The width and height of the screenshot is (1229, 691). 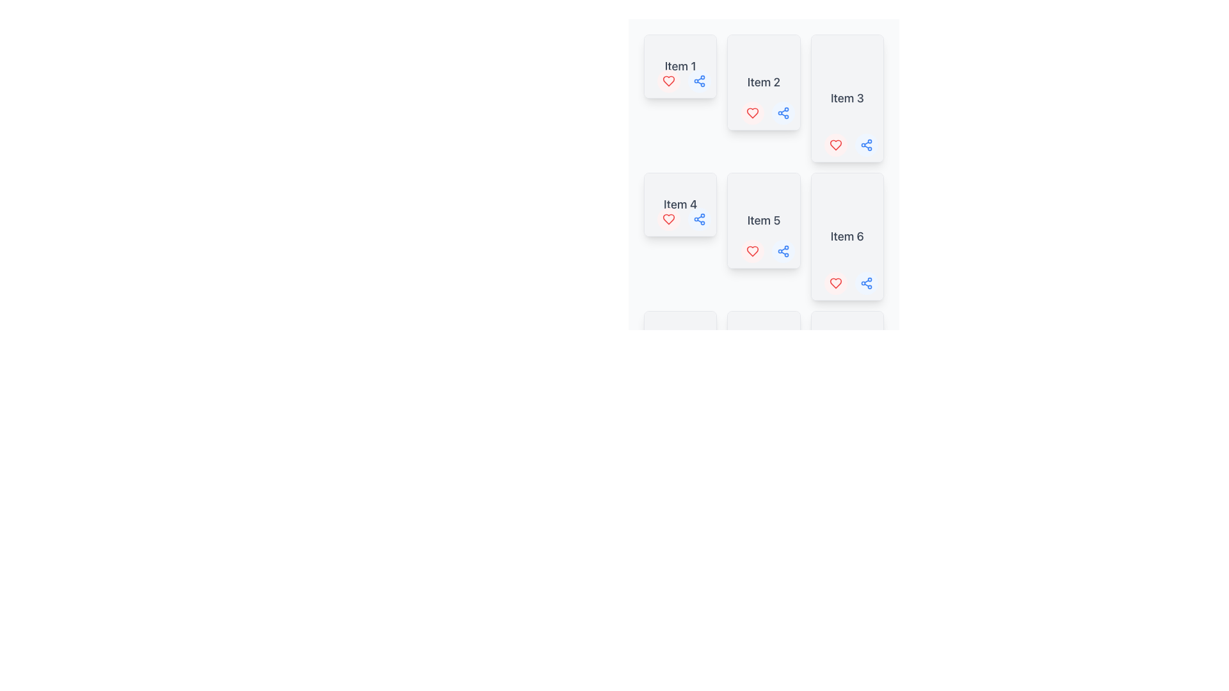 I want to click on the small circular button with a red heart icon located at the bottom-right corner of 'Item 2', so click(x=752, y=113).